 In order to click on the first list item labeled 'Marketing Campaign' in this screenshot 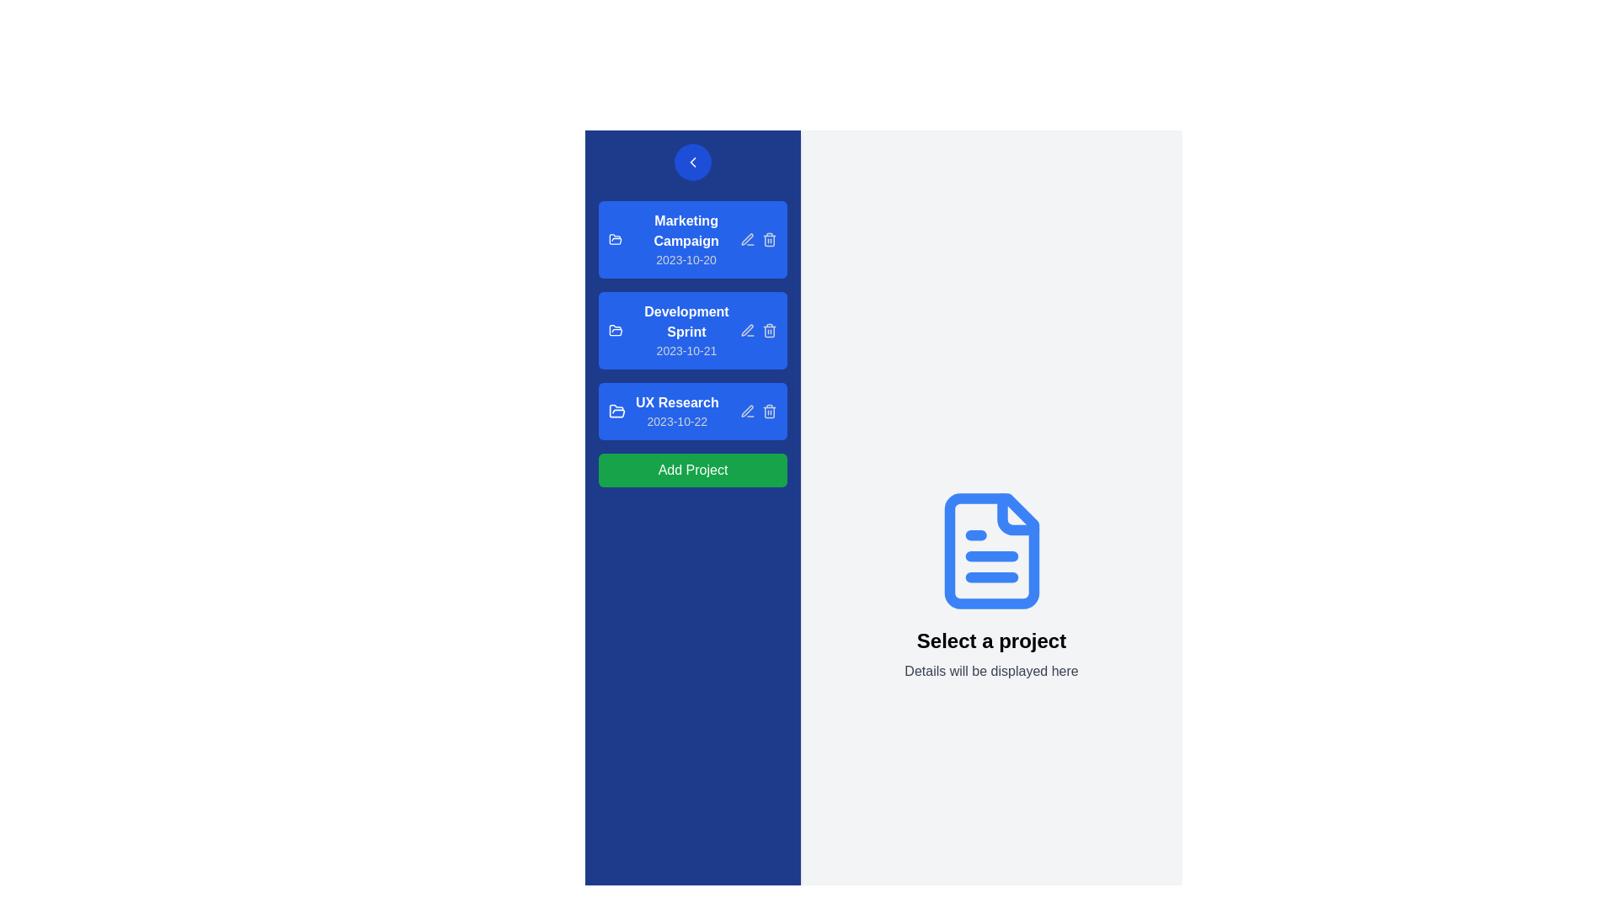, I will do `click(675, 240)`.